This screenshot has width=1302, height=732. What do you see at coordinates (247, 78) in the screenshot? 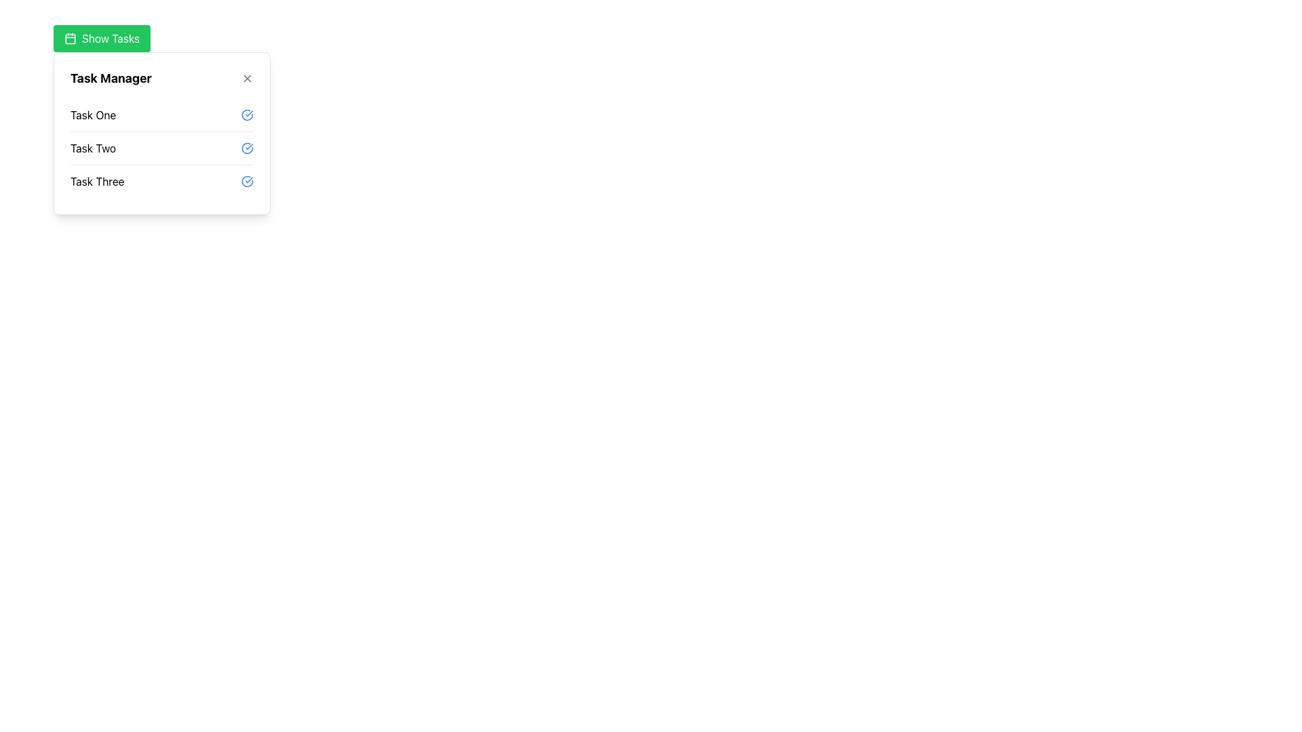
I see `the close button located in the header section of the 'Task Manager' UI component to change its color` at bounding box center [247, 78].